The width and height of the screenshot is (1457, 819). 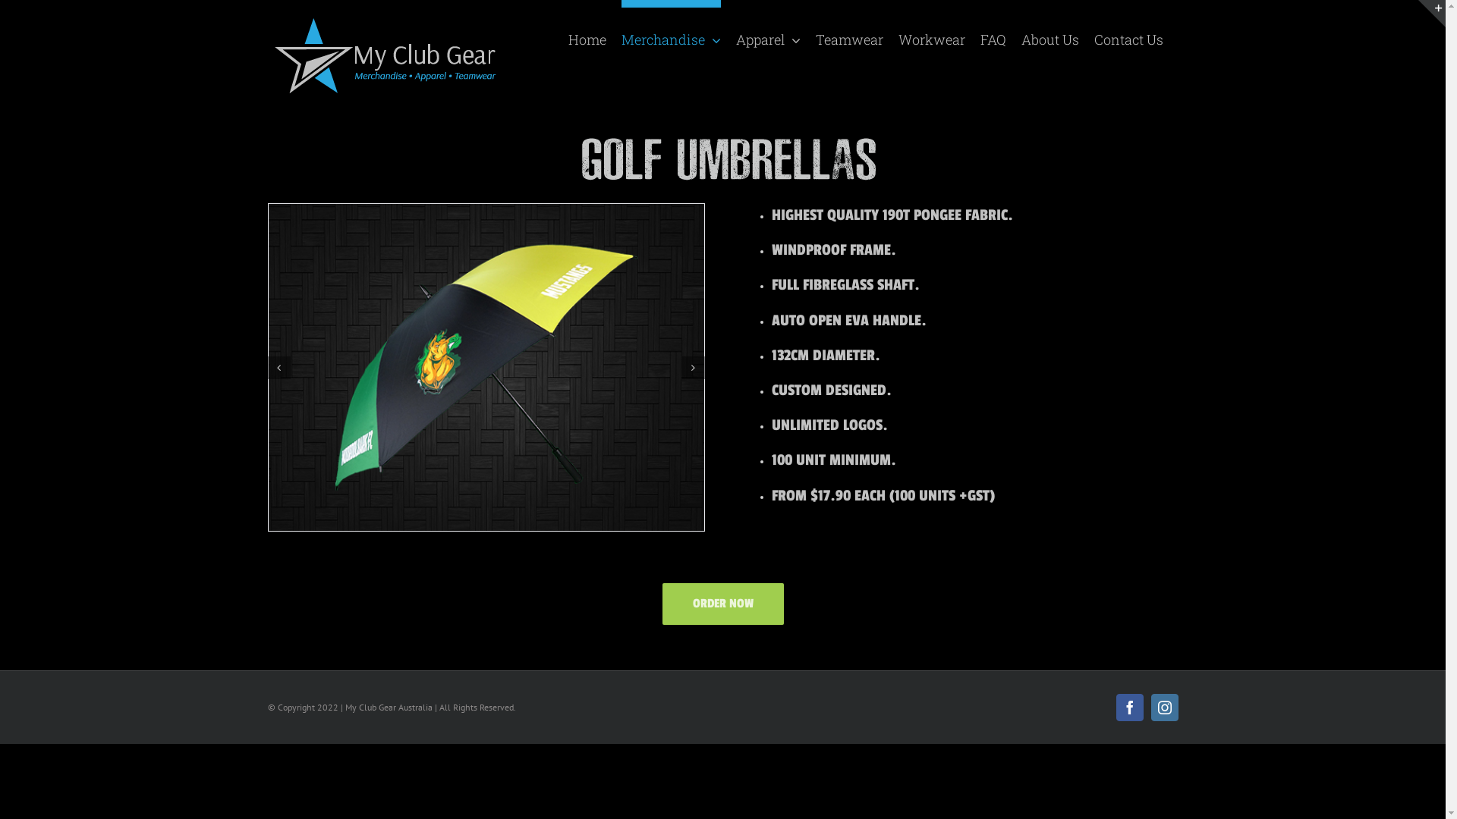 What do you see at coordinates (721, 603) in the screenshot?
I see `'ORDER NOW'` at bounding box center [721, 603].